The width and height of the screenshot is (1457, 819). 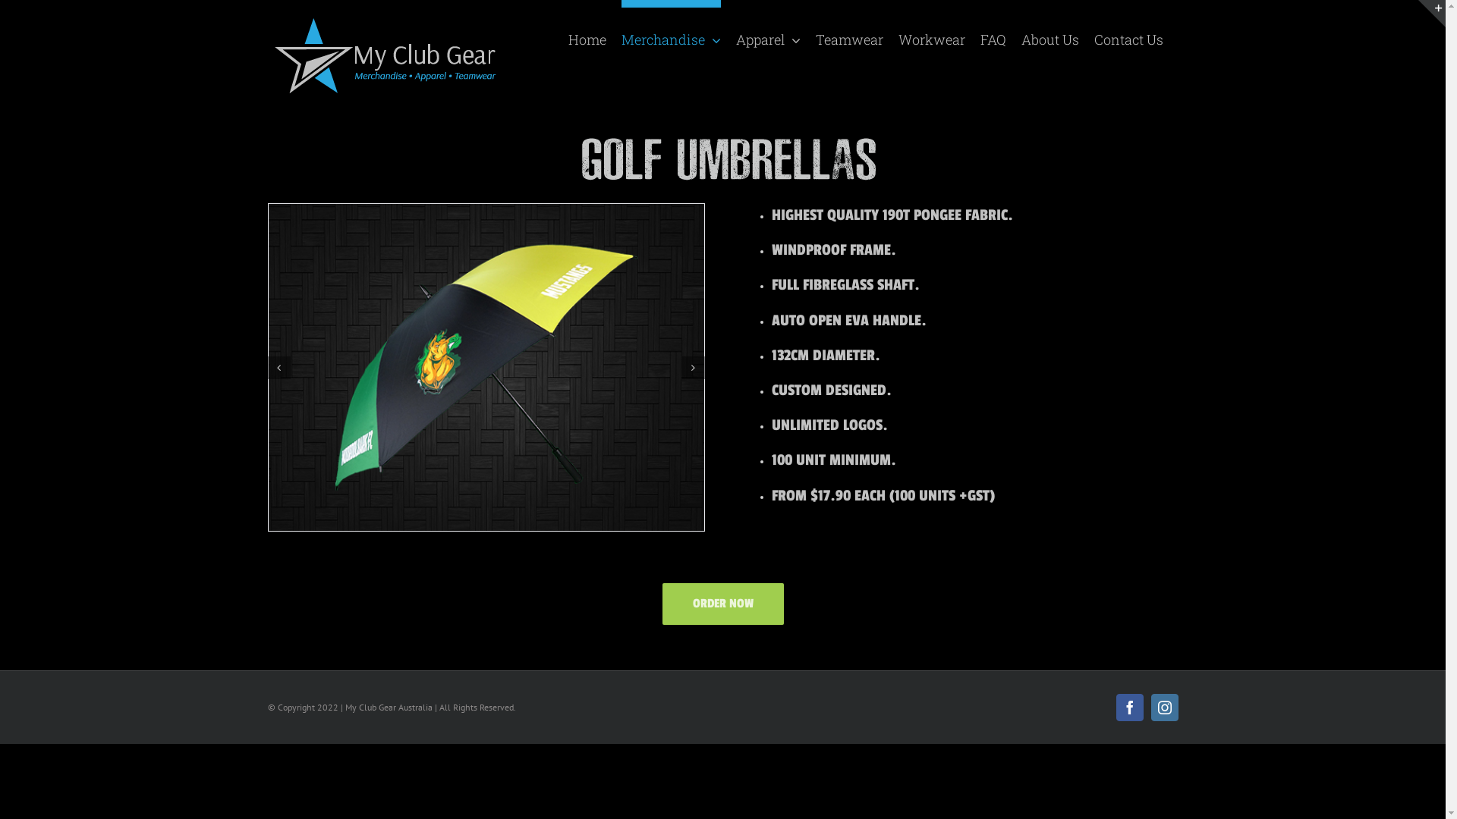 What do you see at coordinates (721, 603) in the screenshot?
I see `'ORDER NOW'` at bounding box center [721, 603].